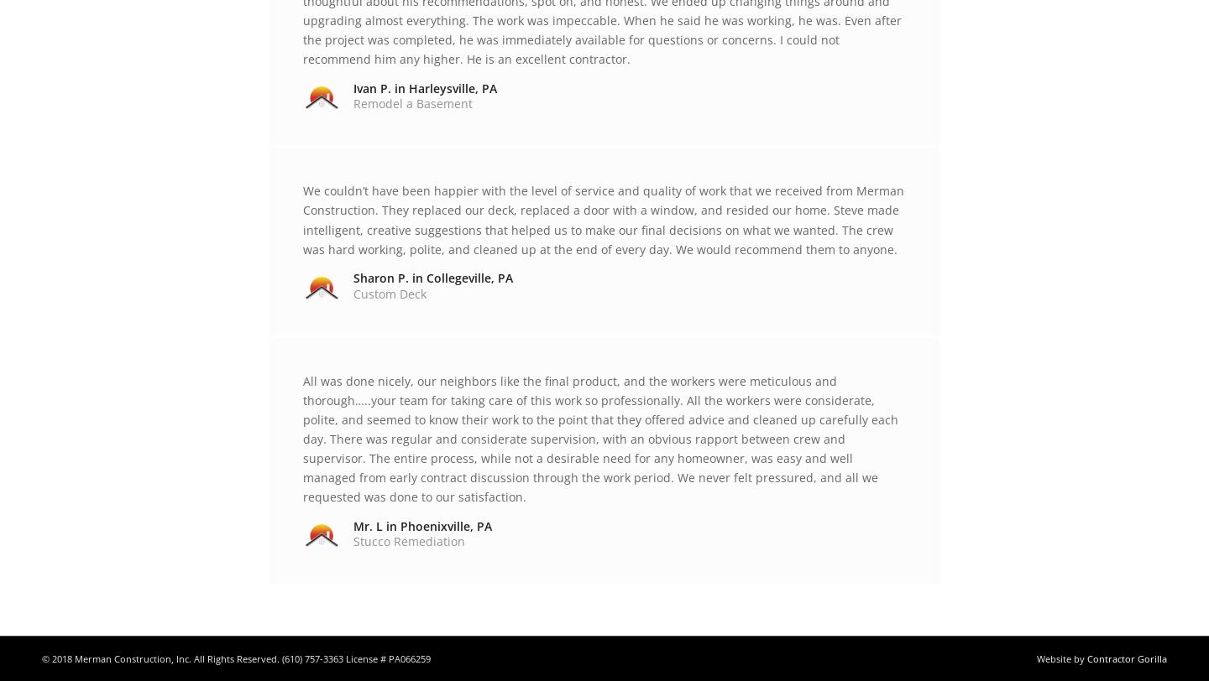  What do you see at coordinates (40, 658) in the screenshot?
I see `'© 2018 Merman Construction, Inc. All Rights Reserved. (610) 757-3363 License # PA066259'` at bounding box center [40, 658].